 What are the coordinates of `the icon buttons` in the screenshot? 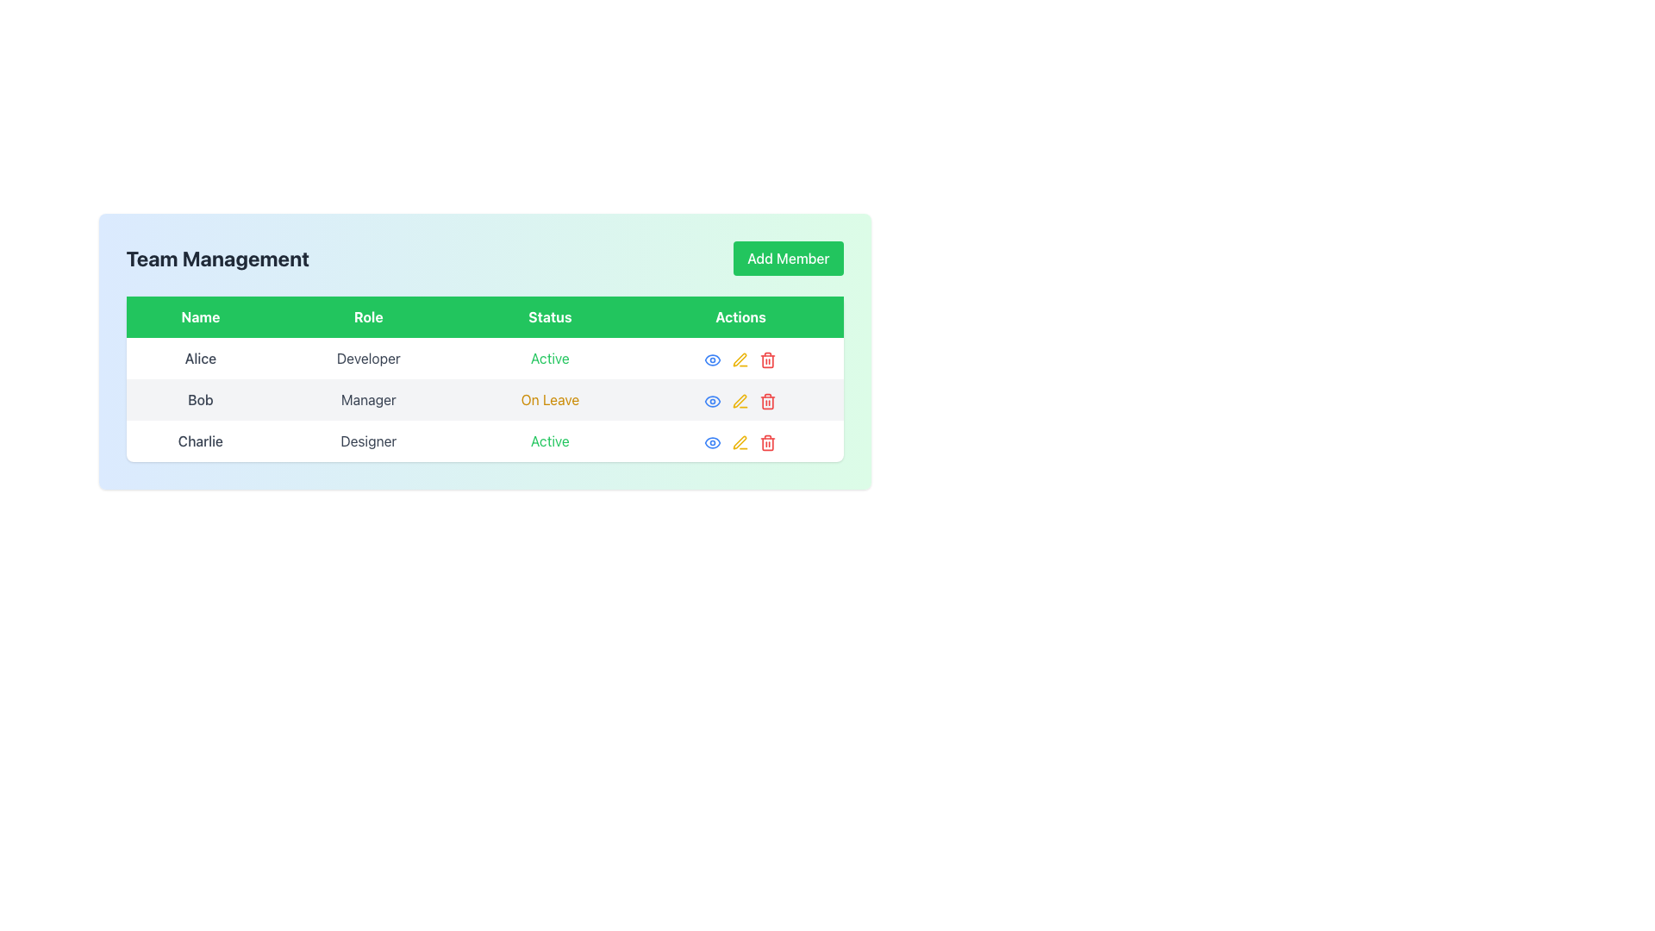 It's located at (740, 441).